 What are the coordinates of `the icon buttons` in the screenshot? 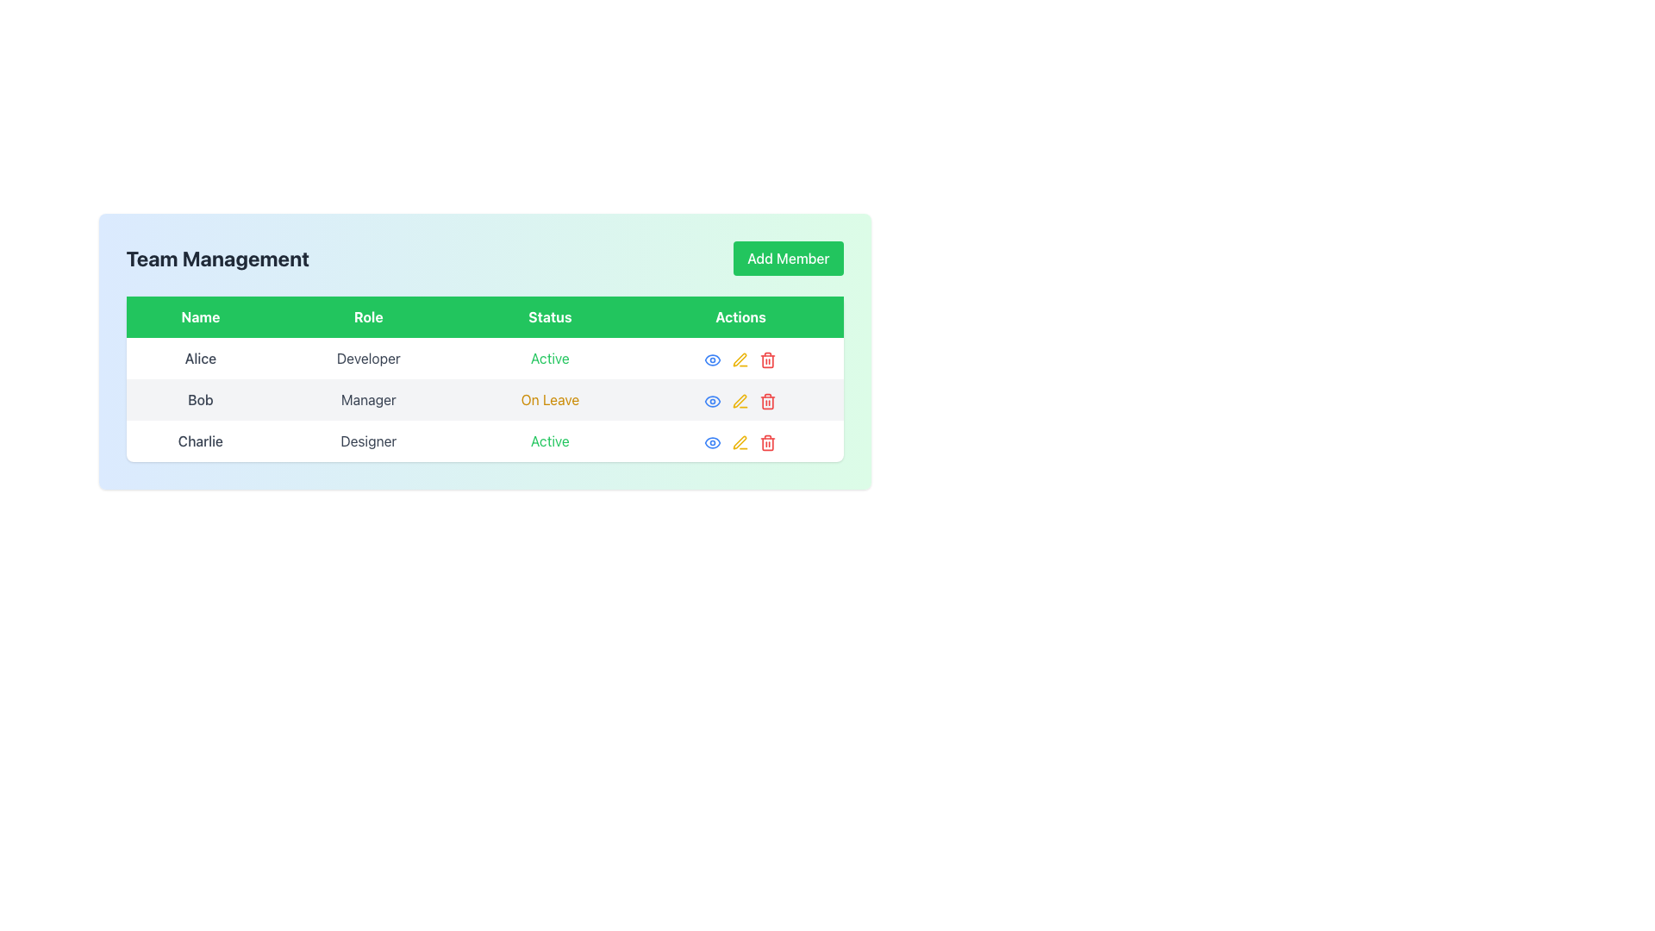 It's located at (740, 441).